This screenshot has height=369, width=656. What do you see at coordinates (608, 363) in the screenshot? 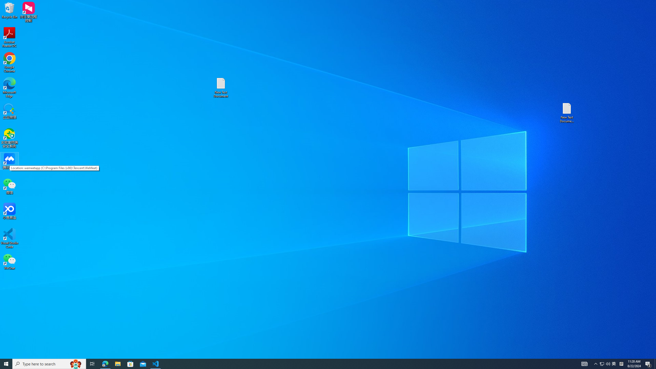
I see `'Q2790: 100%'` at bounding box center [608, 363].